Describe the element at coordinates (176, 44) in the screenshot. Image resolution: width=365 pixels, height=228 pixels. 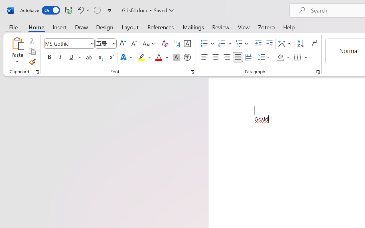
I see `'Phonetic Guide...'` at that location.